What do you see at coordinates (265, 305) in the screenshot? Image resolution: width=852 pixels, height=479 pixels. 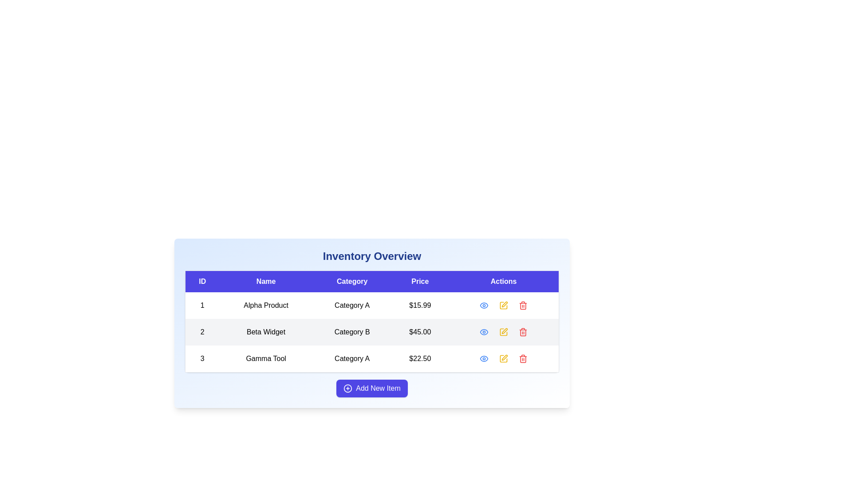 I see `text content of the text label displaying 'Alpha Product', located in the second column of the first row of the table under the 'Name' column heading` at bounding box center [265, 305].